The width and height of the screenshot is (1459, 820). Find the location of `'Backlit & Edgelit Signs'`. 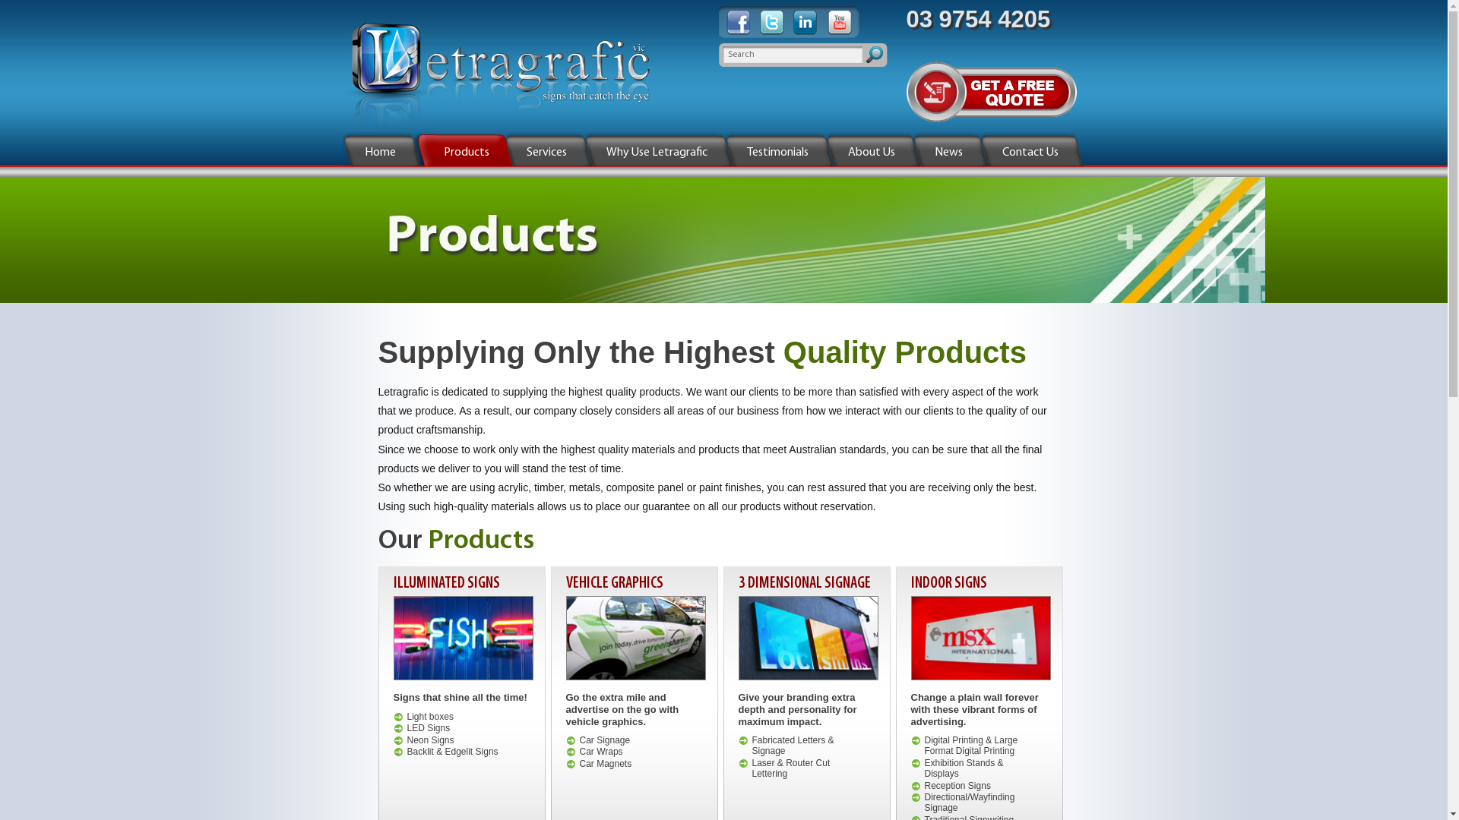

'Backlit & Edgelit Signs' is located at coordinates (451, 752).